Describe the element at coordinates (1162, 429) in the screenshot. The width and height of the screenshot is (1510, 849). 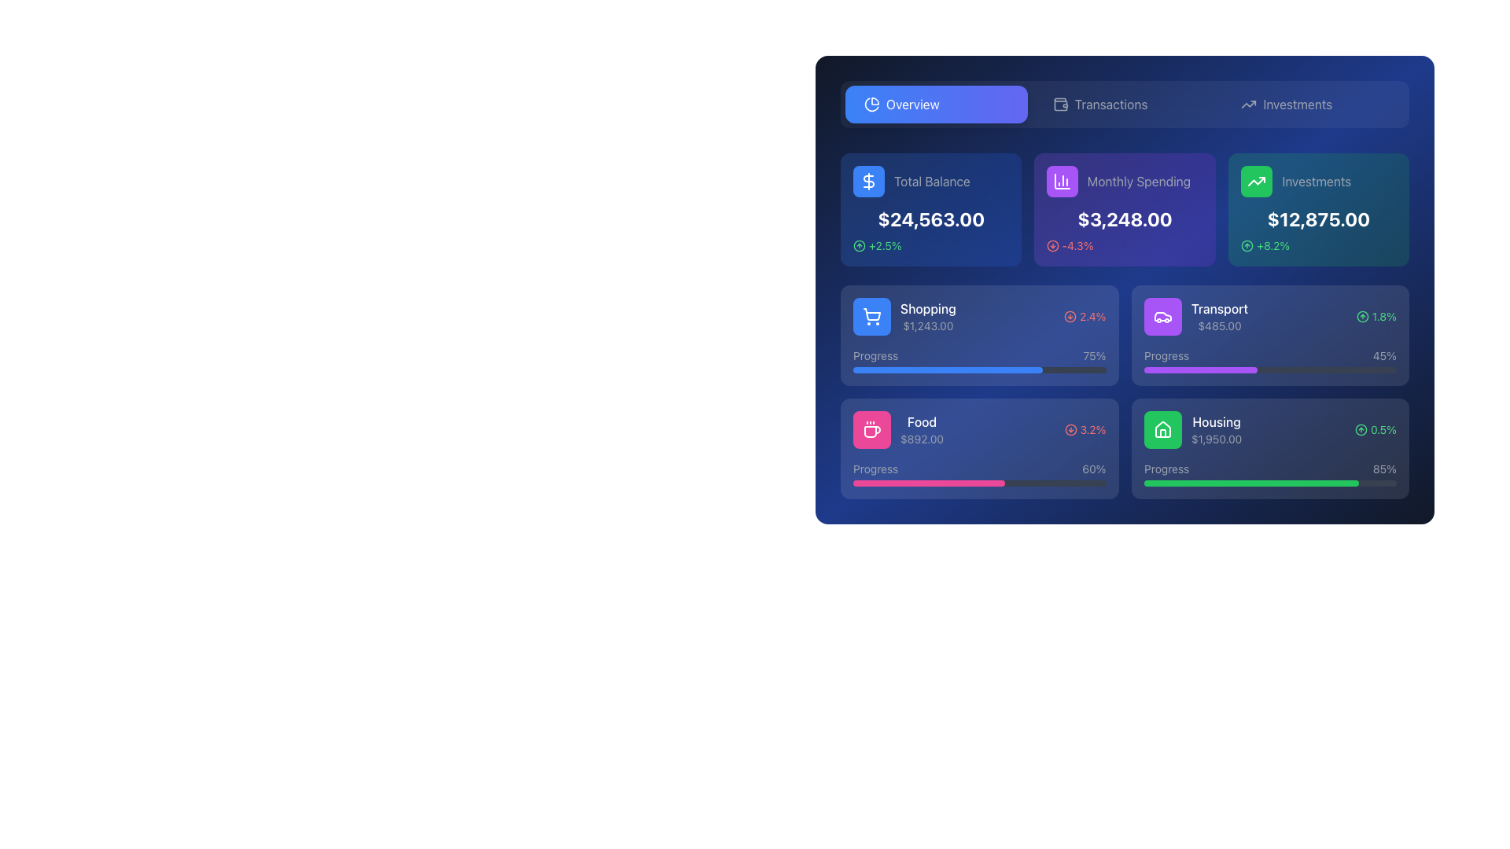
I see `the 'Housing' category icon, represented by a house icon, located at the bottom-right of the interface within its summary card` at that location.